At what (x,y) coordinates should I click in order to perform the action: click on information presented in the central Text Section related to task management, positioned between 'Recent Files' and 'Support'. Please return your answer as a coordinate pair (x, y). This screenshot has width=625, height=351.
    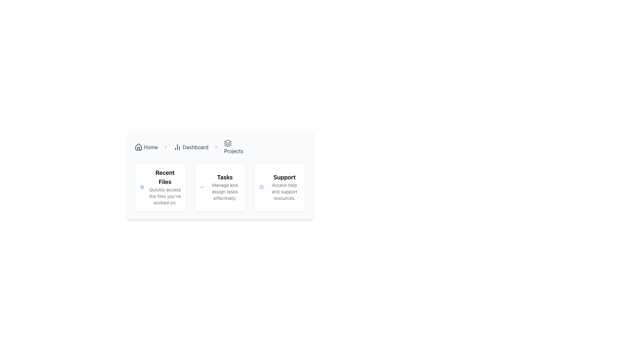
    Looking at the image, I should click on (225, 187).